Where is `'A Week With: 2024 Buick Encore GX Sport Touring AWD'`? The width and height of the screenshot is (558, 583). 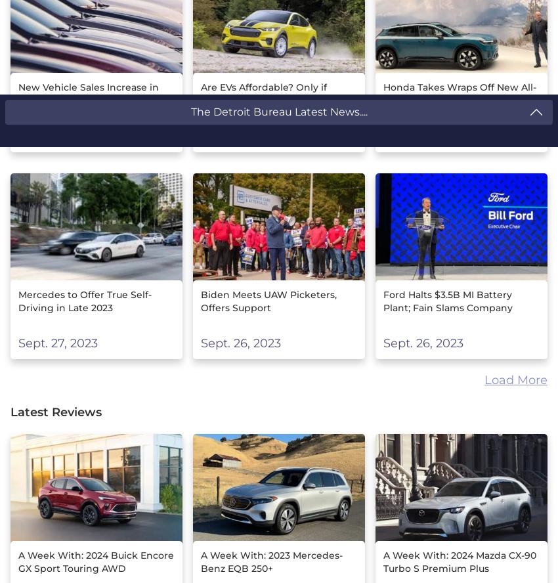
'A Week With: 2024 Buick Encore GX Sport Touring AWD' is located at coordinates (96, 560).